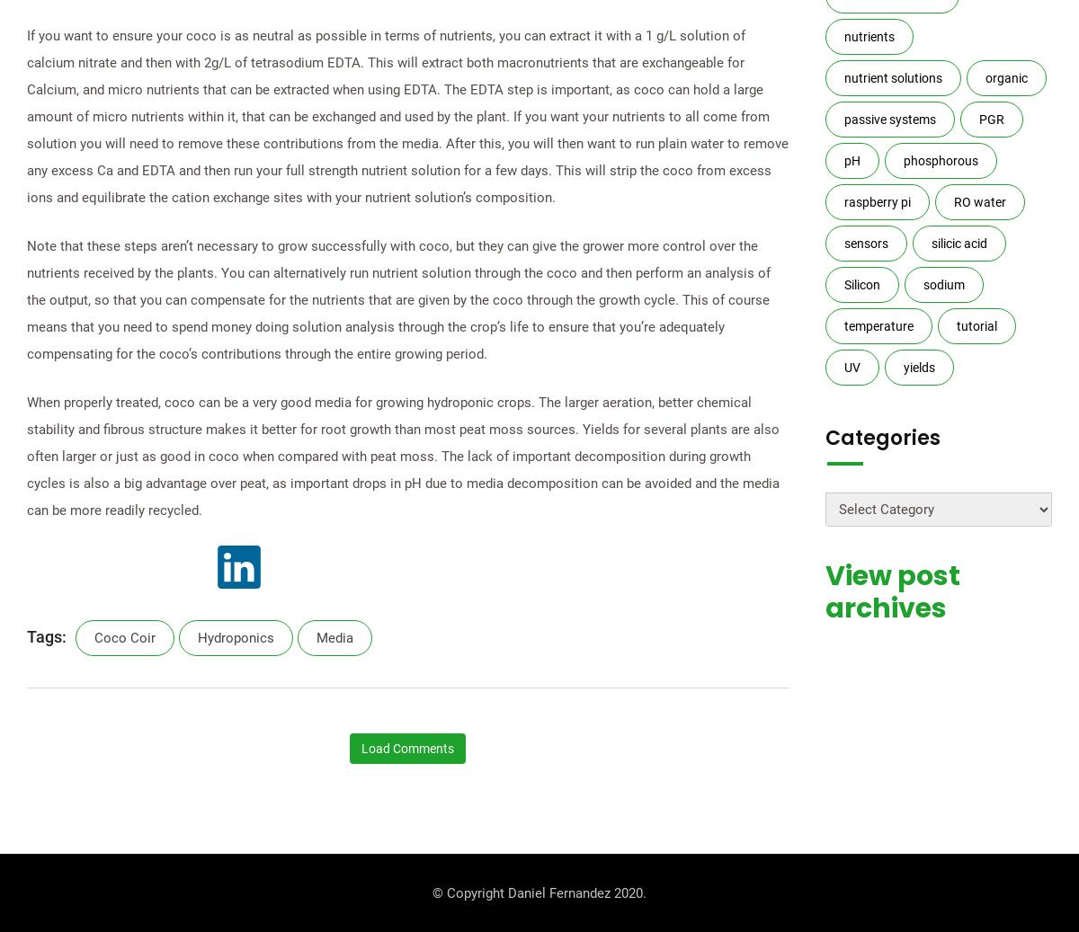 This screenshot has width=1079, height=932. What do you see at coordinates (943, 284) in the screenshot?
I see `'sodium'` at bounding box center [943, 284].